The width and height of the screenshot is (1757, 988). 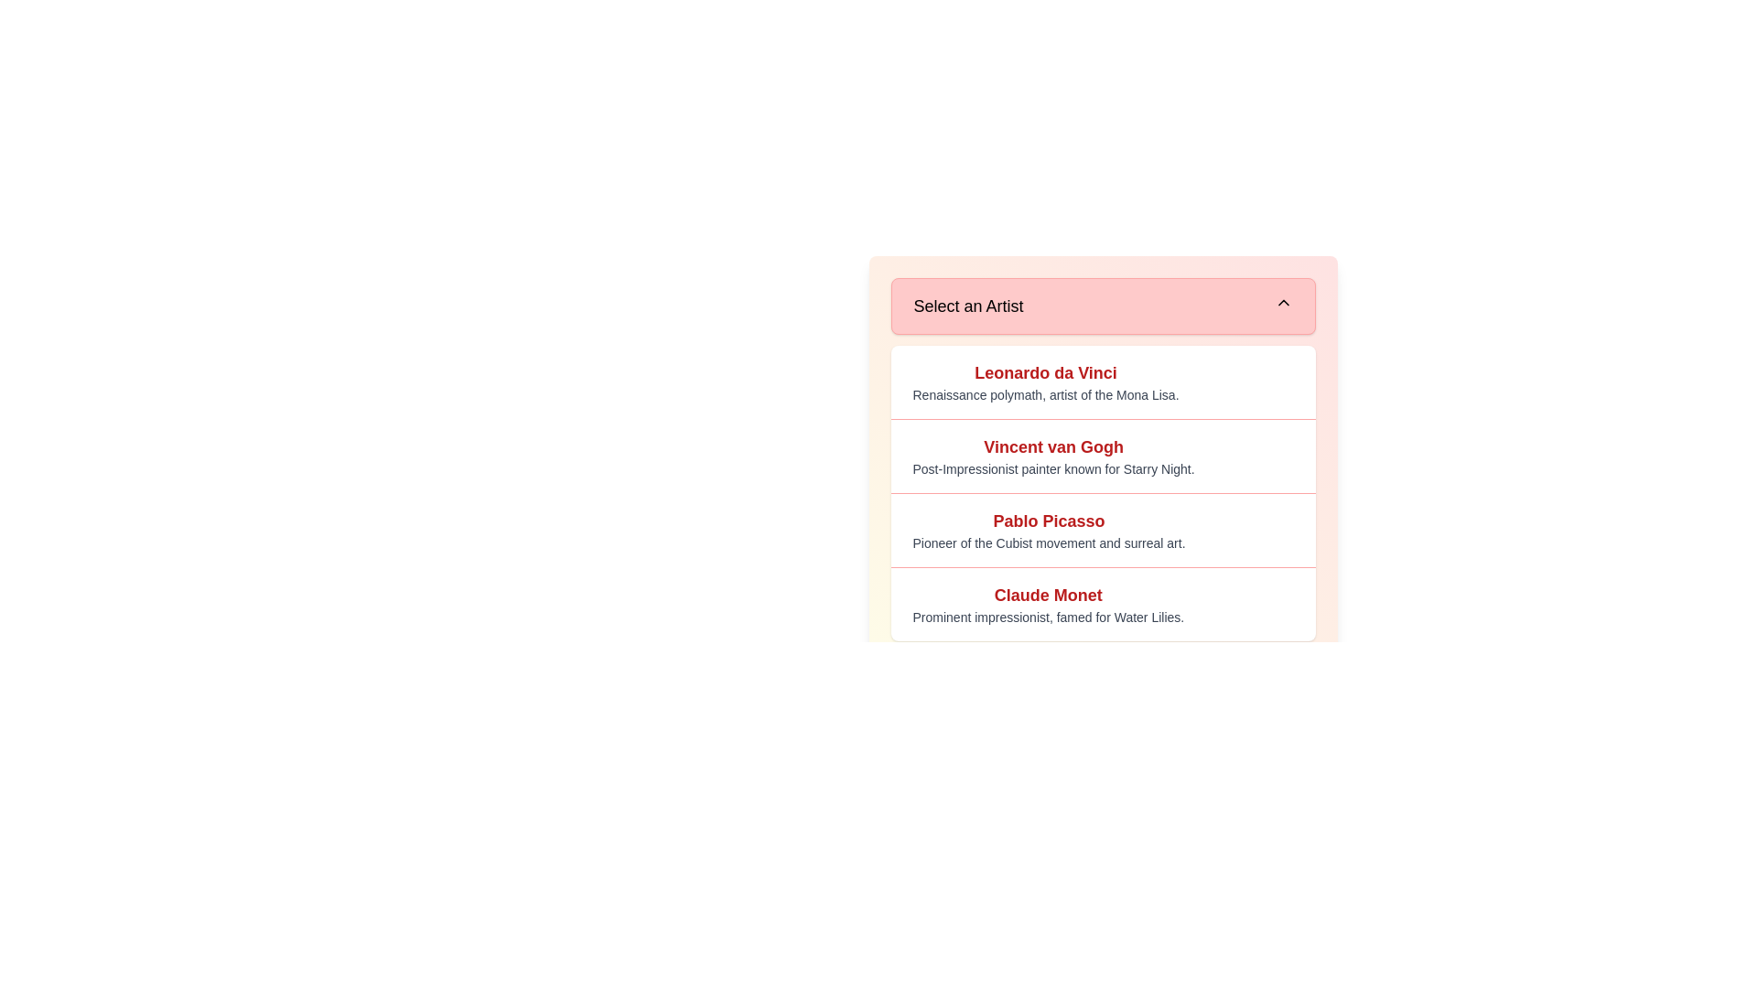 What do you see at coordinates (1045, 394) in the screenshot?
I see `the descriptive text label that provides information about the highlighted artist, positioned below the 'Leonardo da Vinci' heading` at bounding box center [1045, 394].